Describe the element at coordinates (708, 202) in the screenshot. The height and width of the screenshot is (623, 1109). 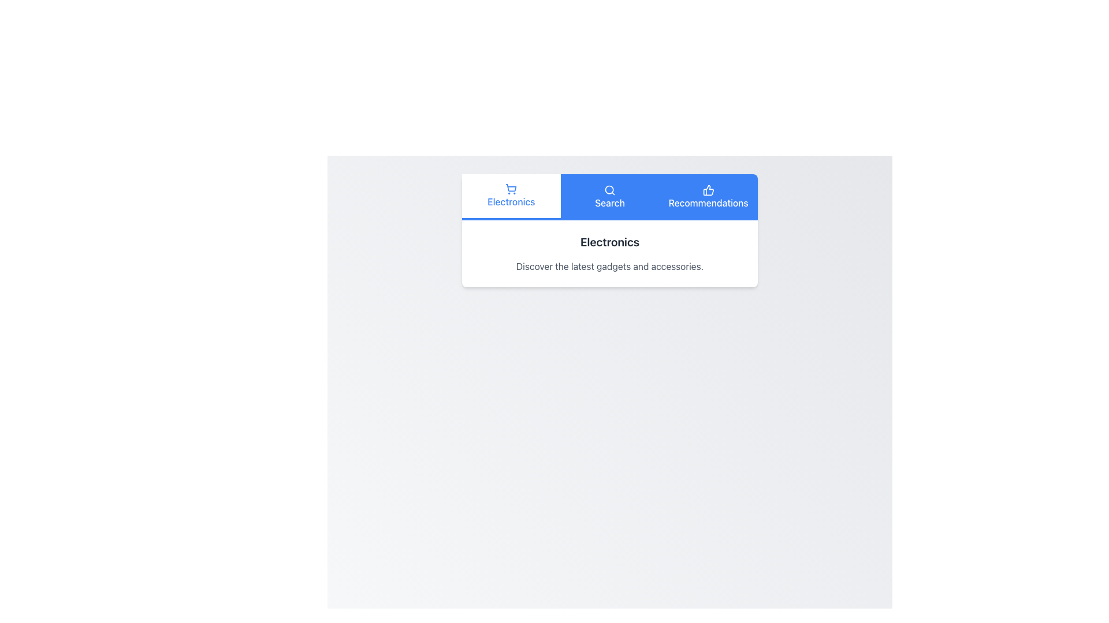
I see `the 'Recommendations' tab in the navigation bar` at that location.